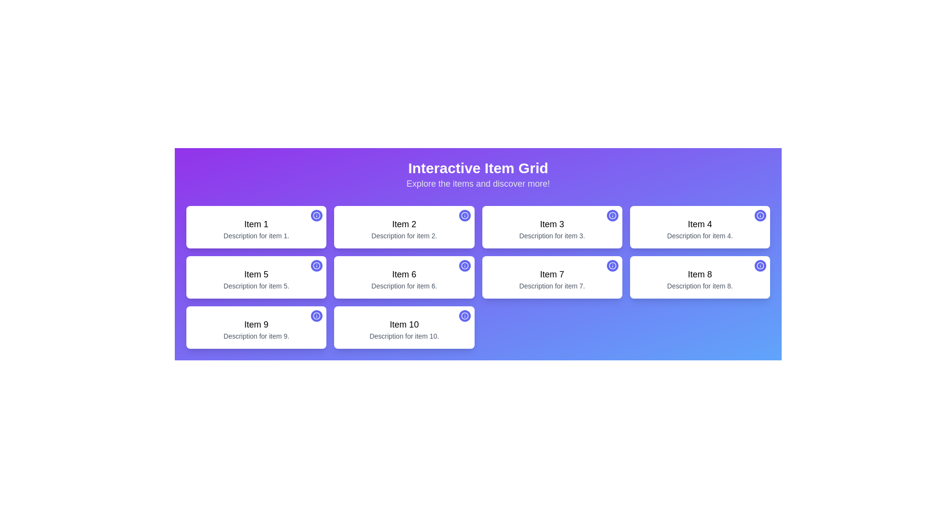 The image size is (927, 521). I want to click on the interactive button located in the top-right corner of the card labeled 'Item 4', so click(759, 215).